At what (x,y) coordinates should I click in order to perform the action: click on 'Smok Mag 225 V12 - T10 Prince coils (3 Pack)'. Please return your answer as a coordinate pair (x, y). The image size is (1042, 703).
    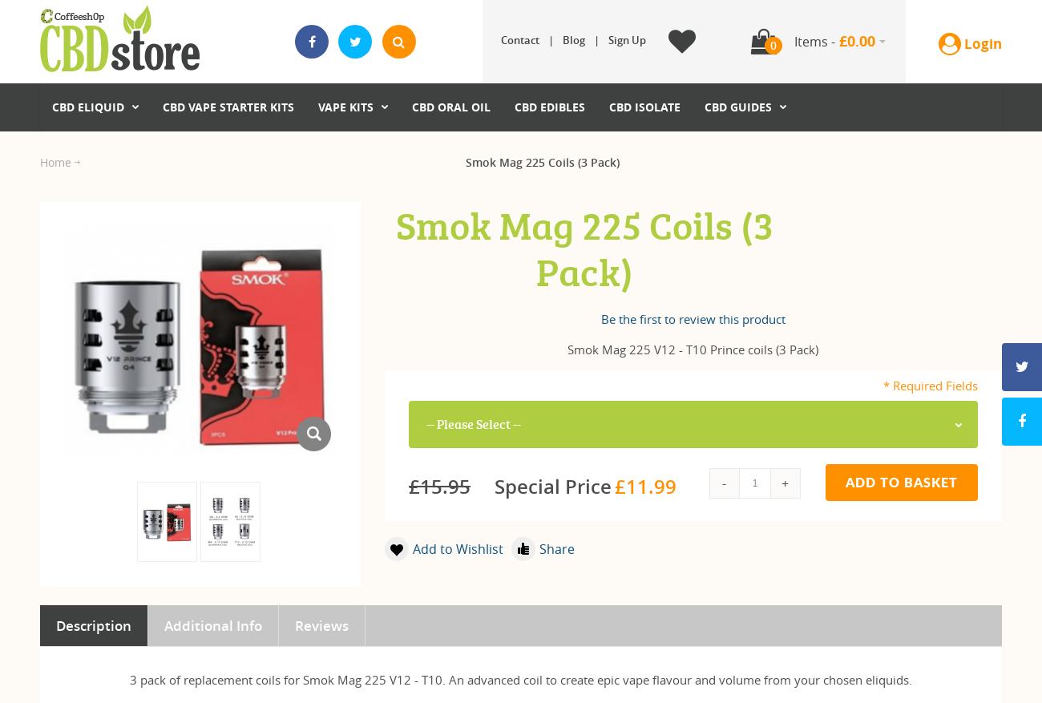
    Looking at the image, I should click on (693, 347).